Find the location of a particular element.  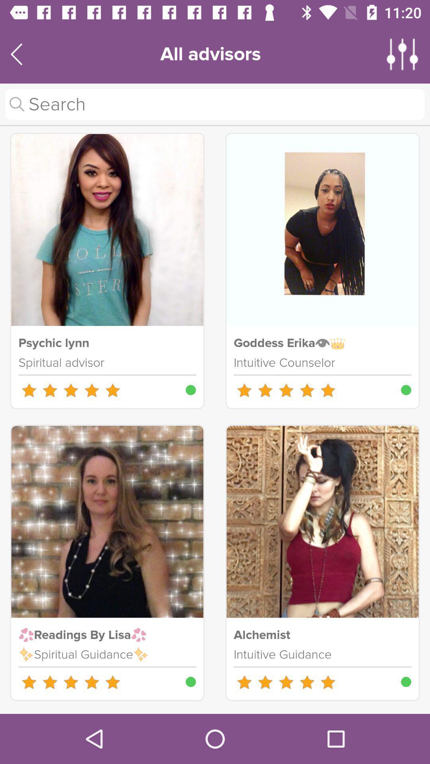

the item below the all advisors item is located at coordinates (215, 104).